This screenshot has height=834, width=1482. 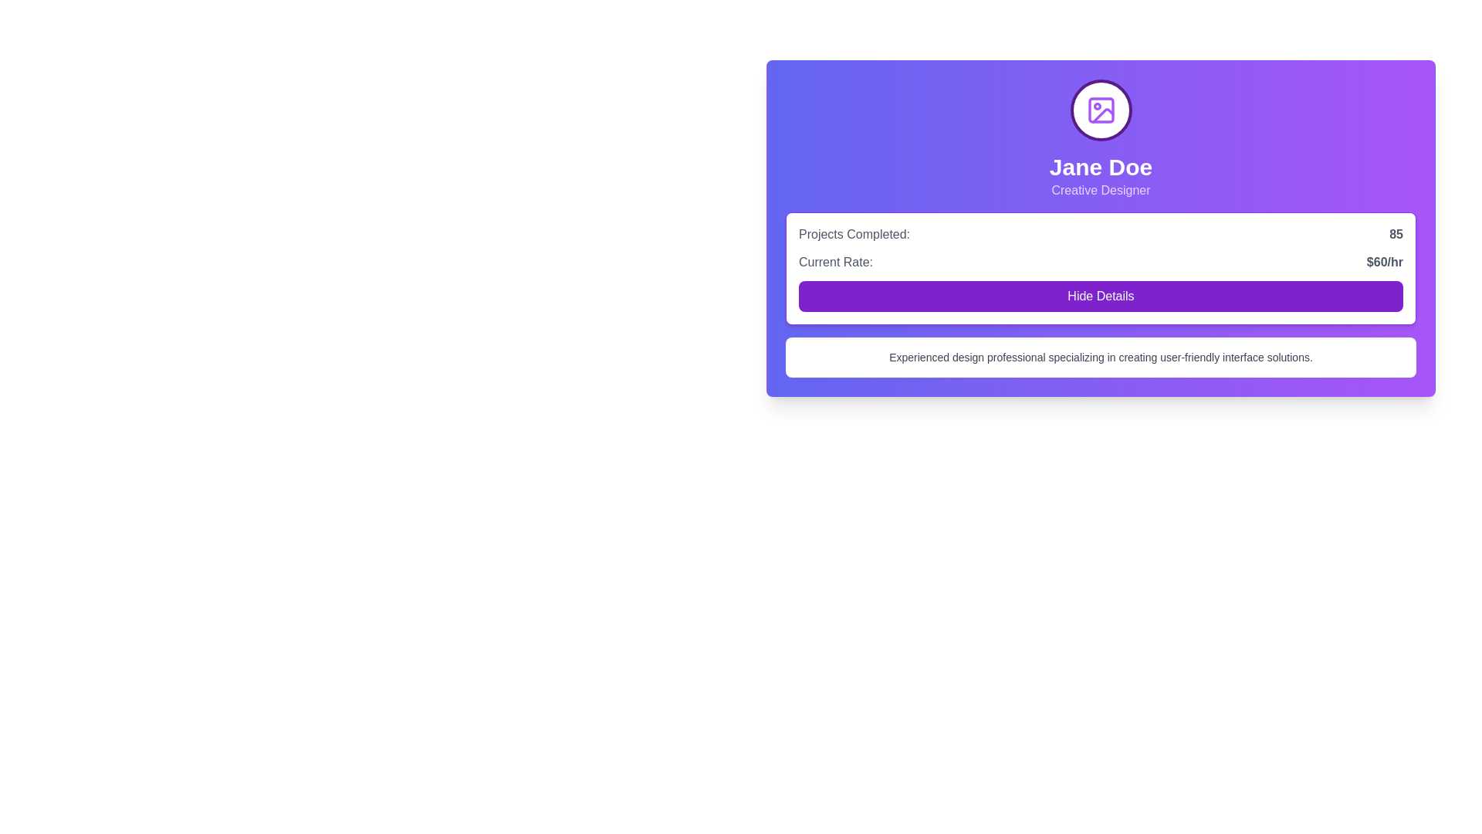 I want to click on the profile image placeholder icon located centrally above the name 'Jane Doe' in the top portion of the card, so click(x=1100, y=109).